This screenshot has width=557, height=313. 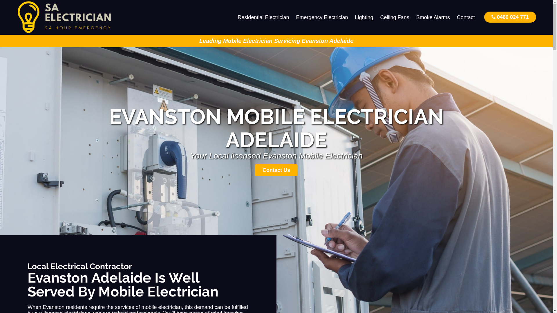 I want to click on 'Emergency Electrician', so click(x=321, y=17).